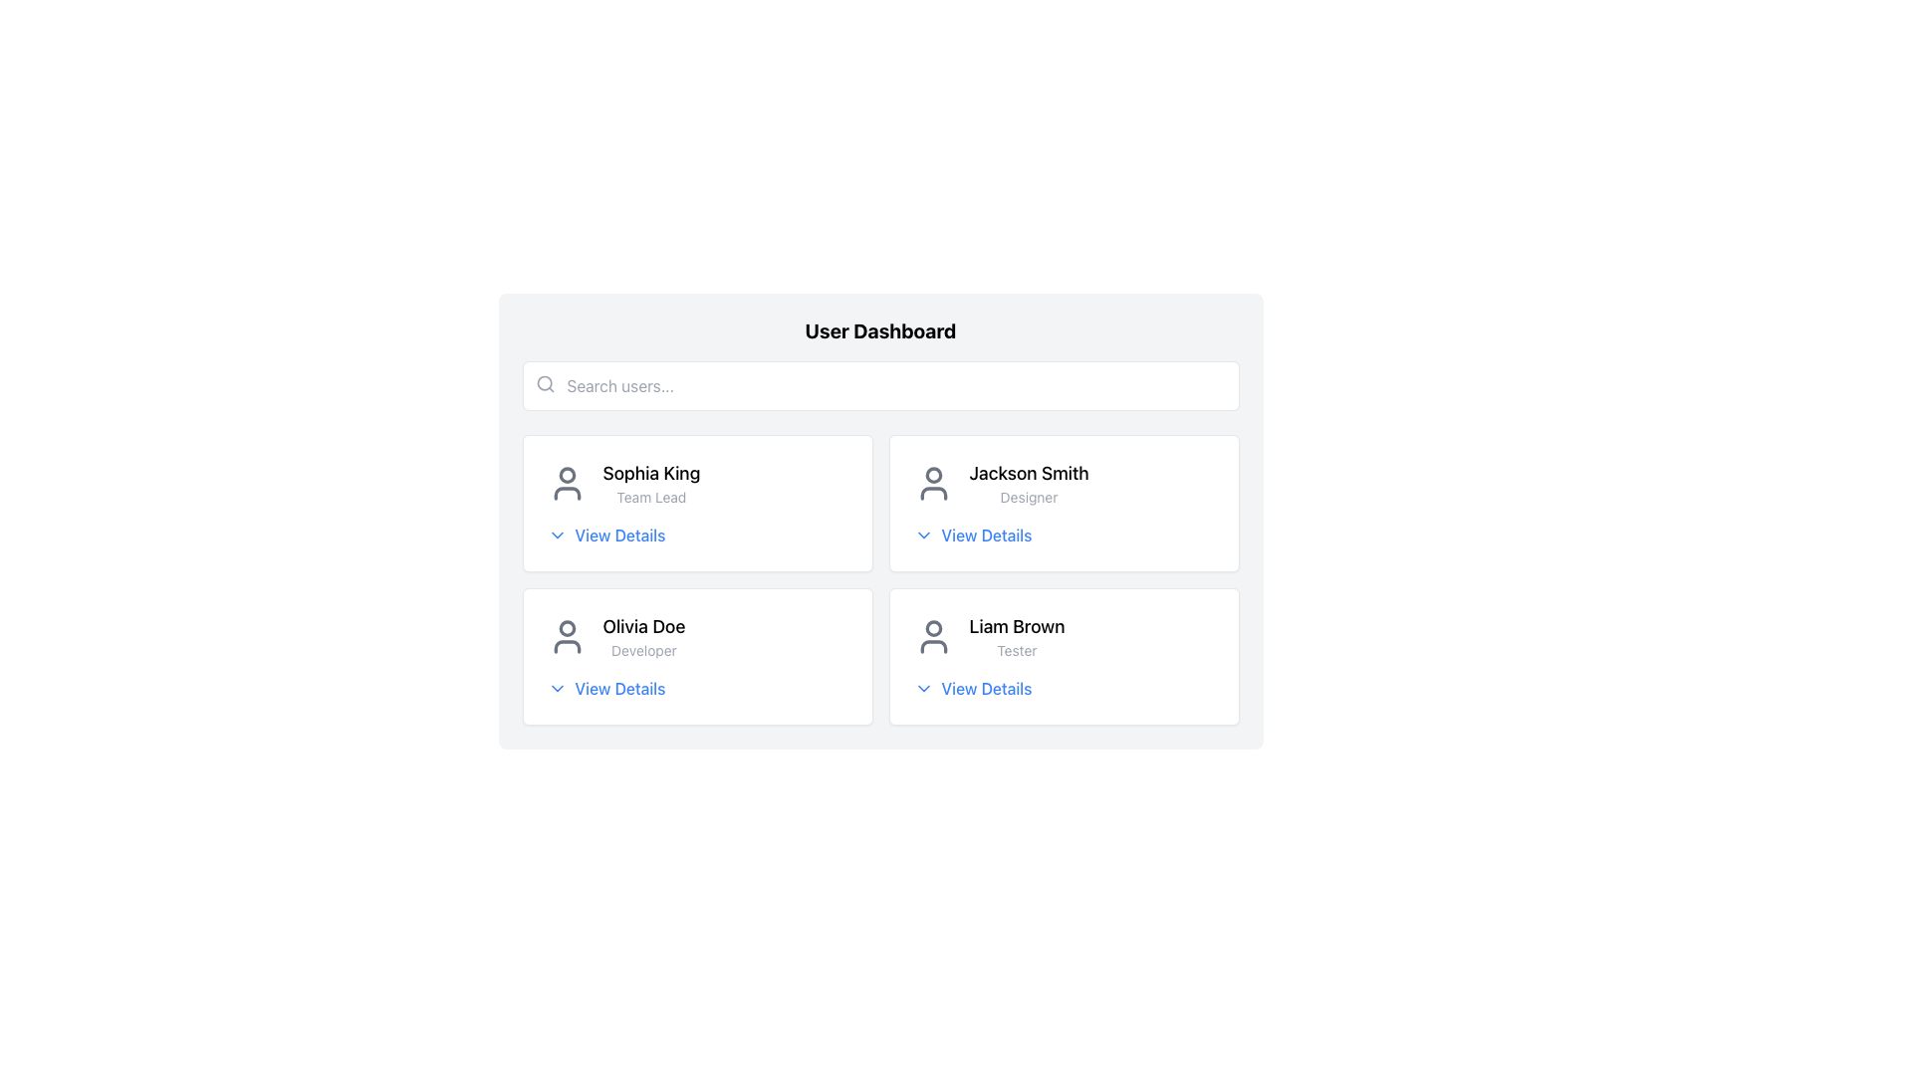 This screenshot has width=1912, height=1075. Describe the element at coordinates (644, 625) in the screenshot. I see `the user profile name text label located in the bottom-left quadrant of the user dashboard grid, which identifies the user profile in the dashboard` at that location.